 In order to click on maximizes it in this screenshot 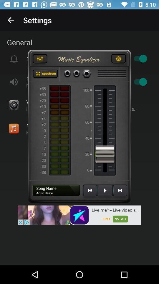, I will do `click(45, 74)`.